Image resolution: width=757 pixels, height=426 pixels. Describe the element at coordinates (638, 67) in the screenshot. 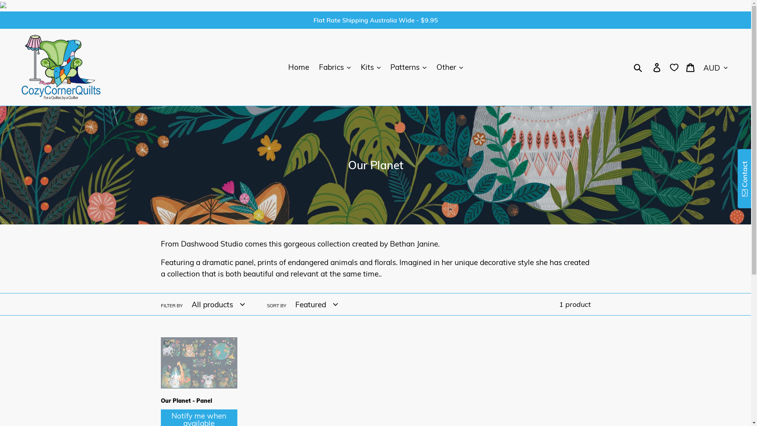

I see `'Submit'` at that location.